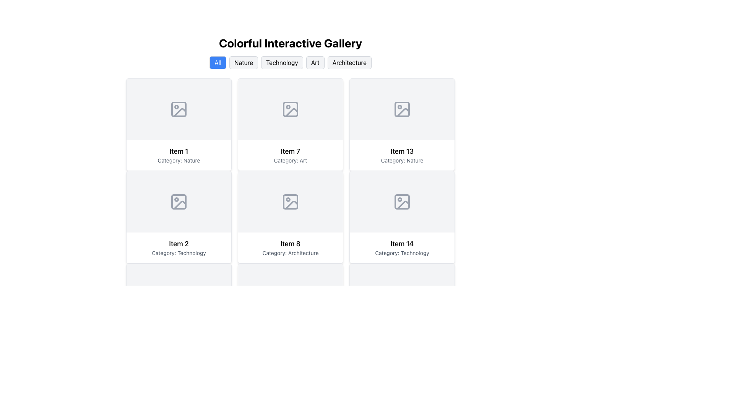  Describe the element at coordinates (401, 109) in the screenshot. I see `placeholder for an image or icon display, which features a light gray background with a mountain and sun/moon icon, located in the second column of the third row under 'Item 13'` at that location.